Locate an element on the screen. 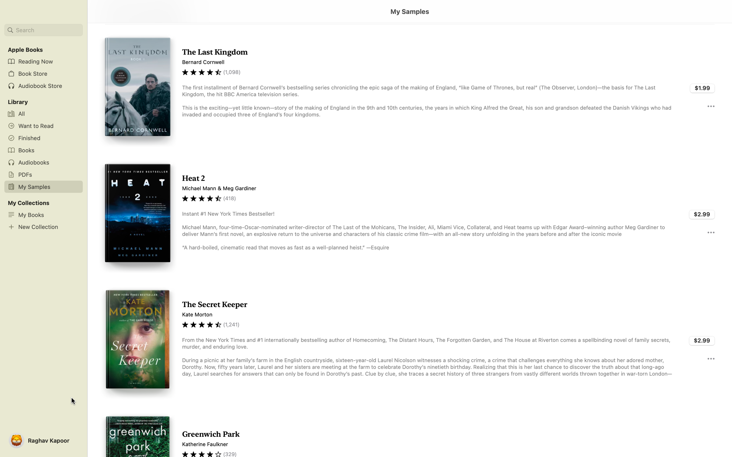  Purchase the novel "Secret Keeper is located at coordinates (702, 339).